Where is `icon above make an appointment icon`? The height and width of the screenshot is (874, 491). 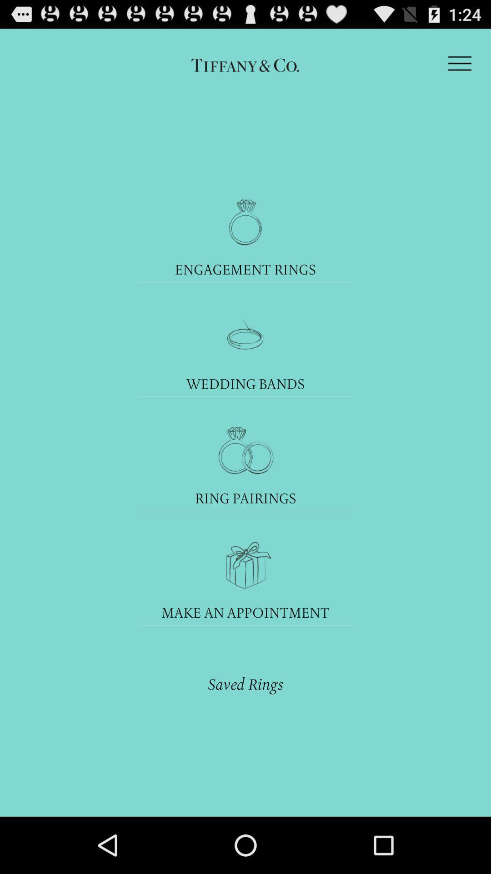
icon above make an appointment icon is located at coordinates (245, 564).